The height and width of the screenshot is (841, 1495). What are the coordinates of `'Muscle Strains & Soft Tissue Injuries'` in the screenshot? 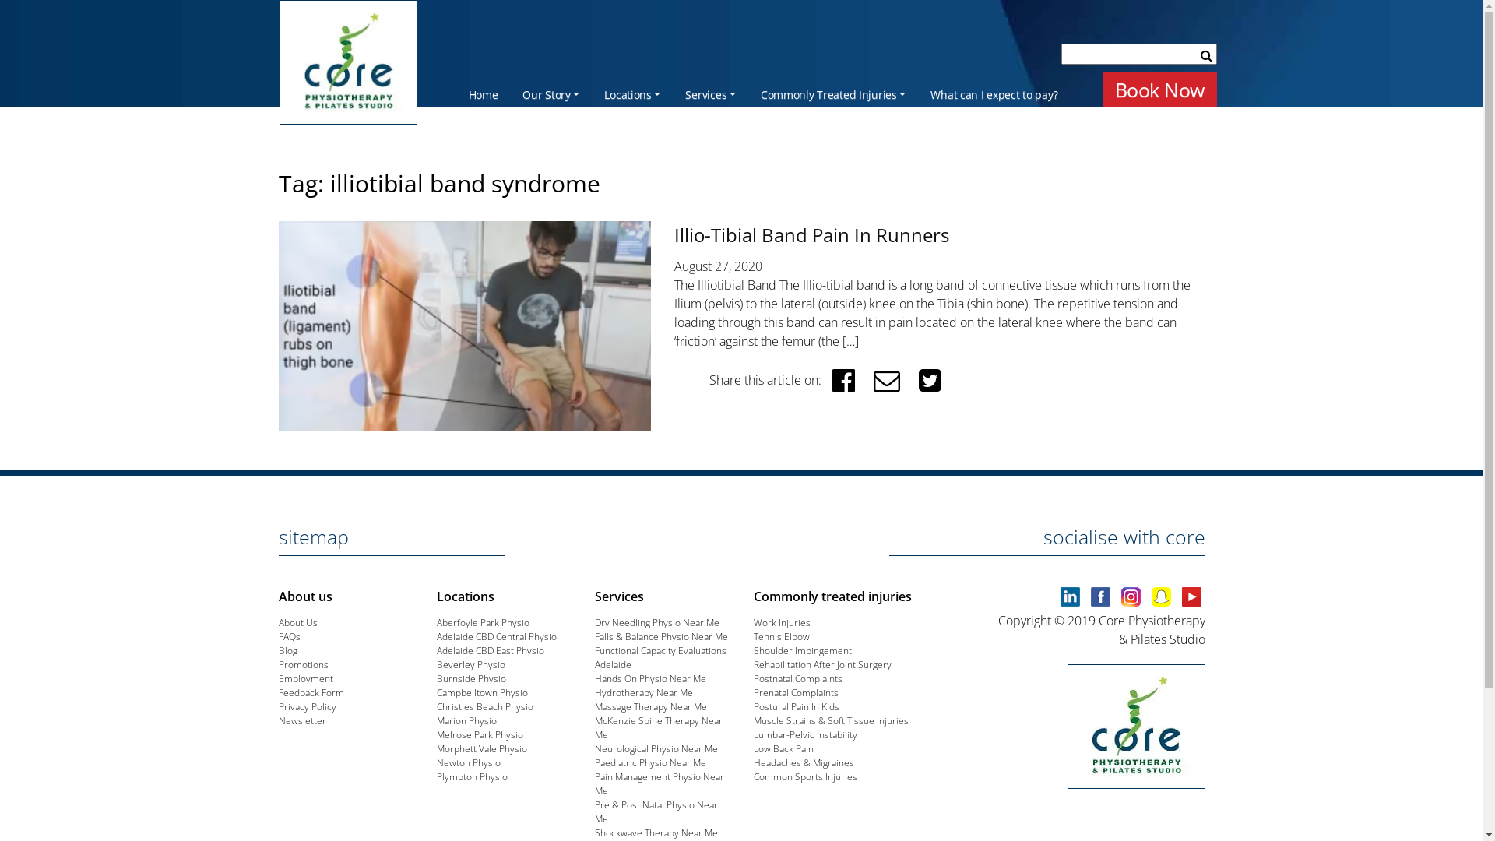 It's located at (830, 720).